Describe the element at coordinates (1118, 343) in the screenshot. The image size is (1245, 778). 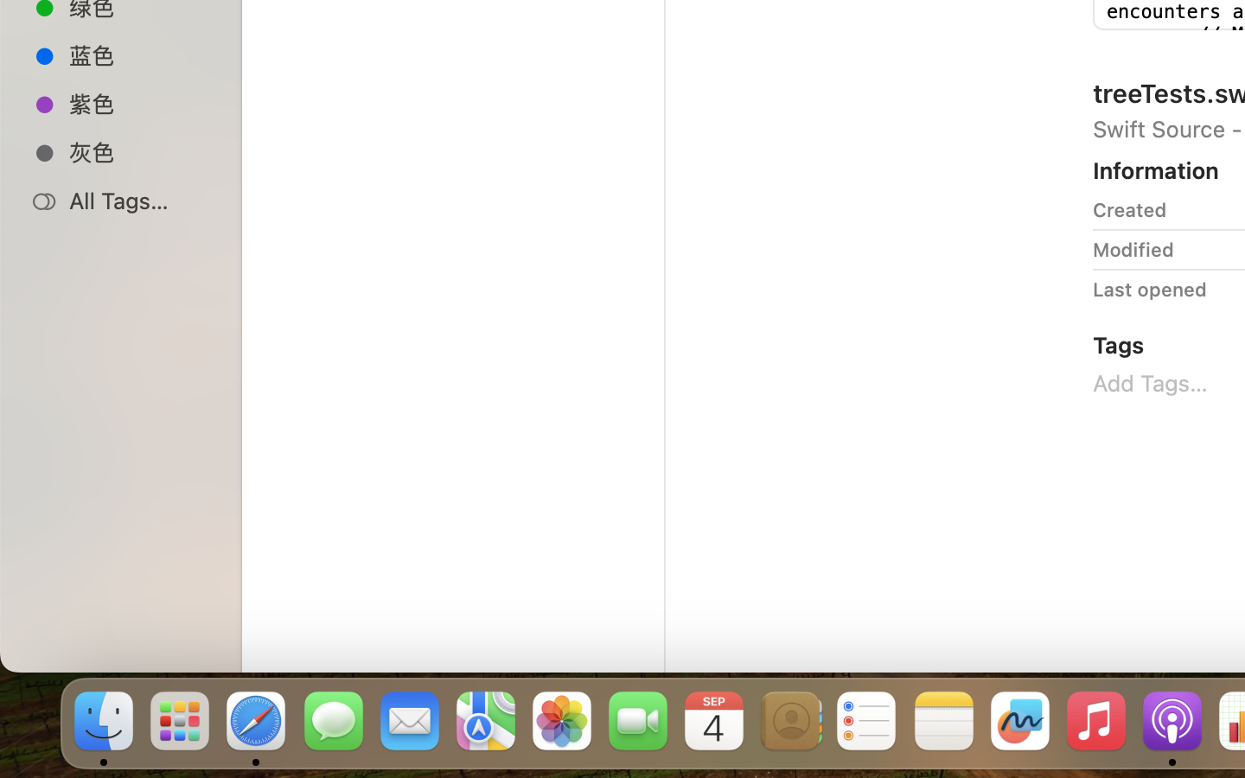
I see `'Tags'` at that location.